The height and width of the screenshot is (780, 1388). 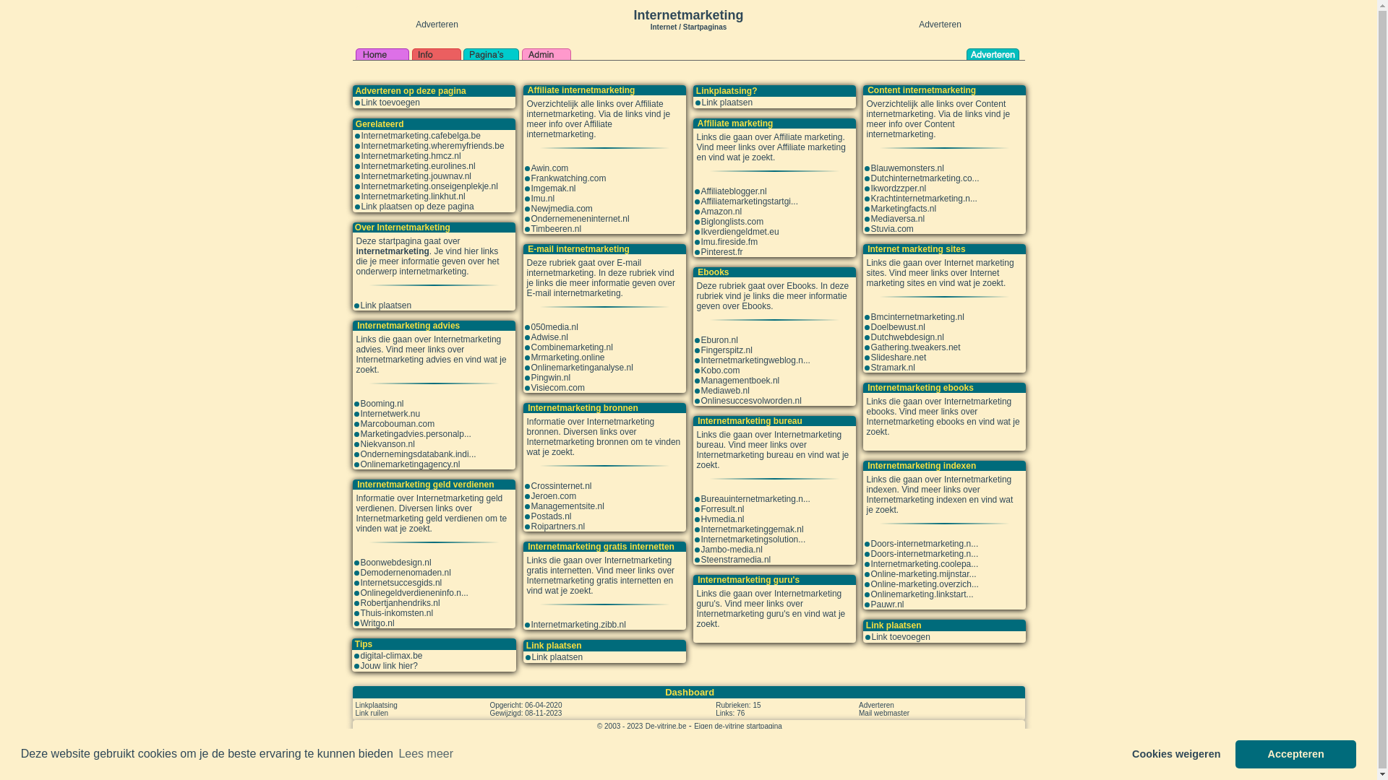 What do you see at coordinates (418, 165) in the screenshot?
I see `'Internetmarketing.eurolines.nl'` at bounding box center [418, 165].